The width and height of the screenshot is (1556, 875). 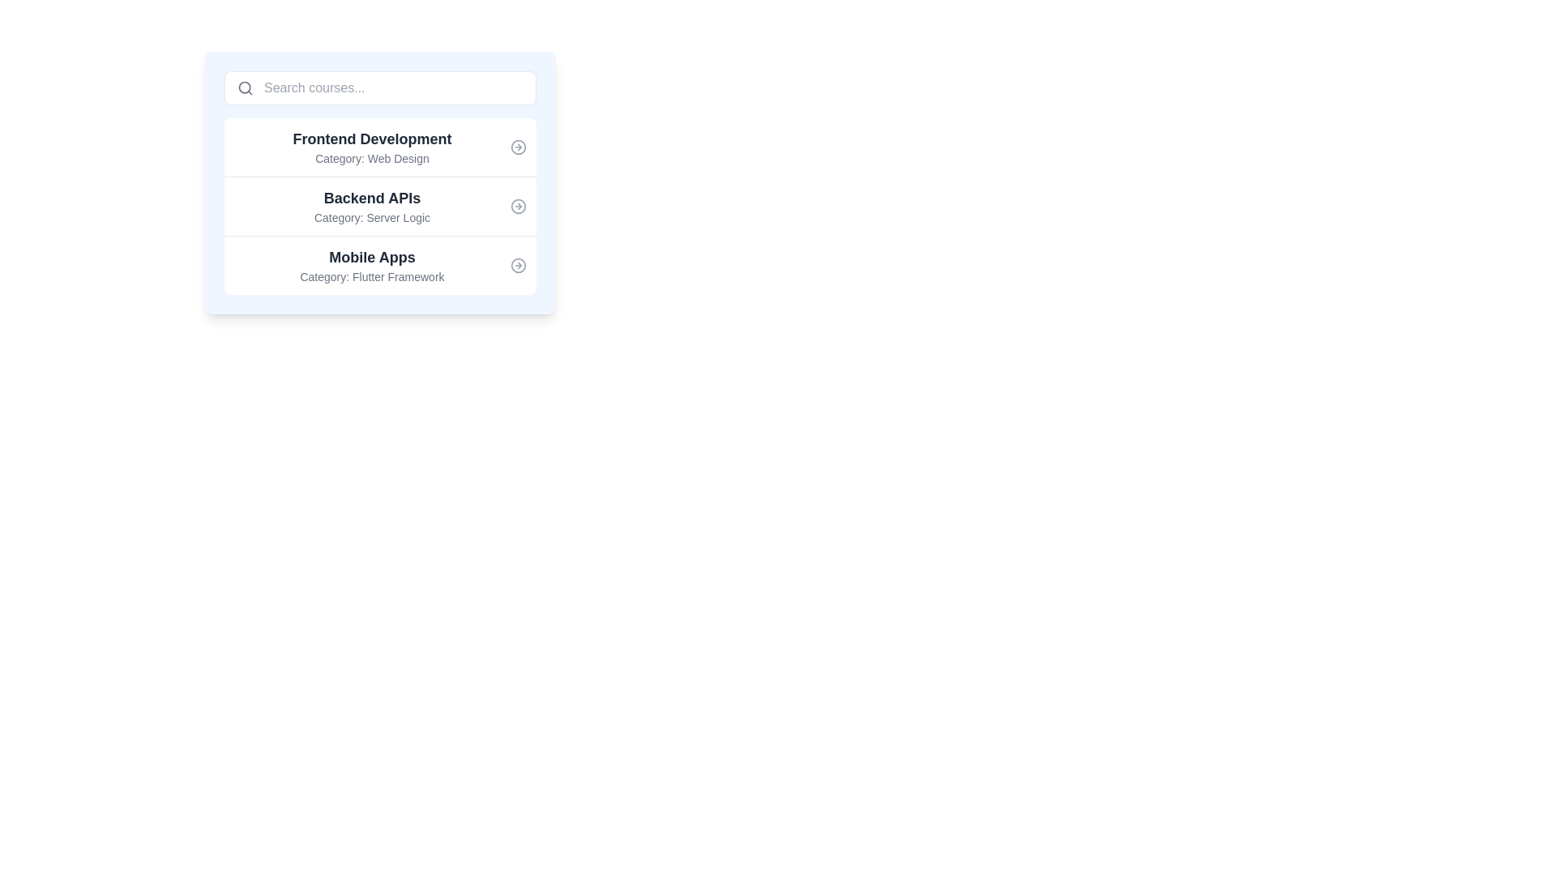 What do you see at coordinates (371, 147) in the screenshot?
I see `the Text label displaying 'Frontend Development' and 'Category: Web Design', which is the first entry in the vertical listing of course categories` at bounding box center [371, 147].